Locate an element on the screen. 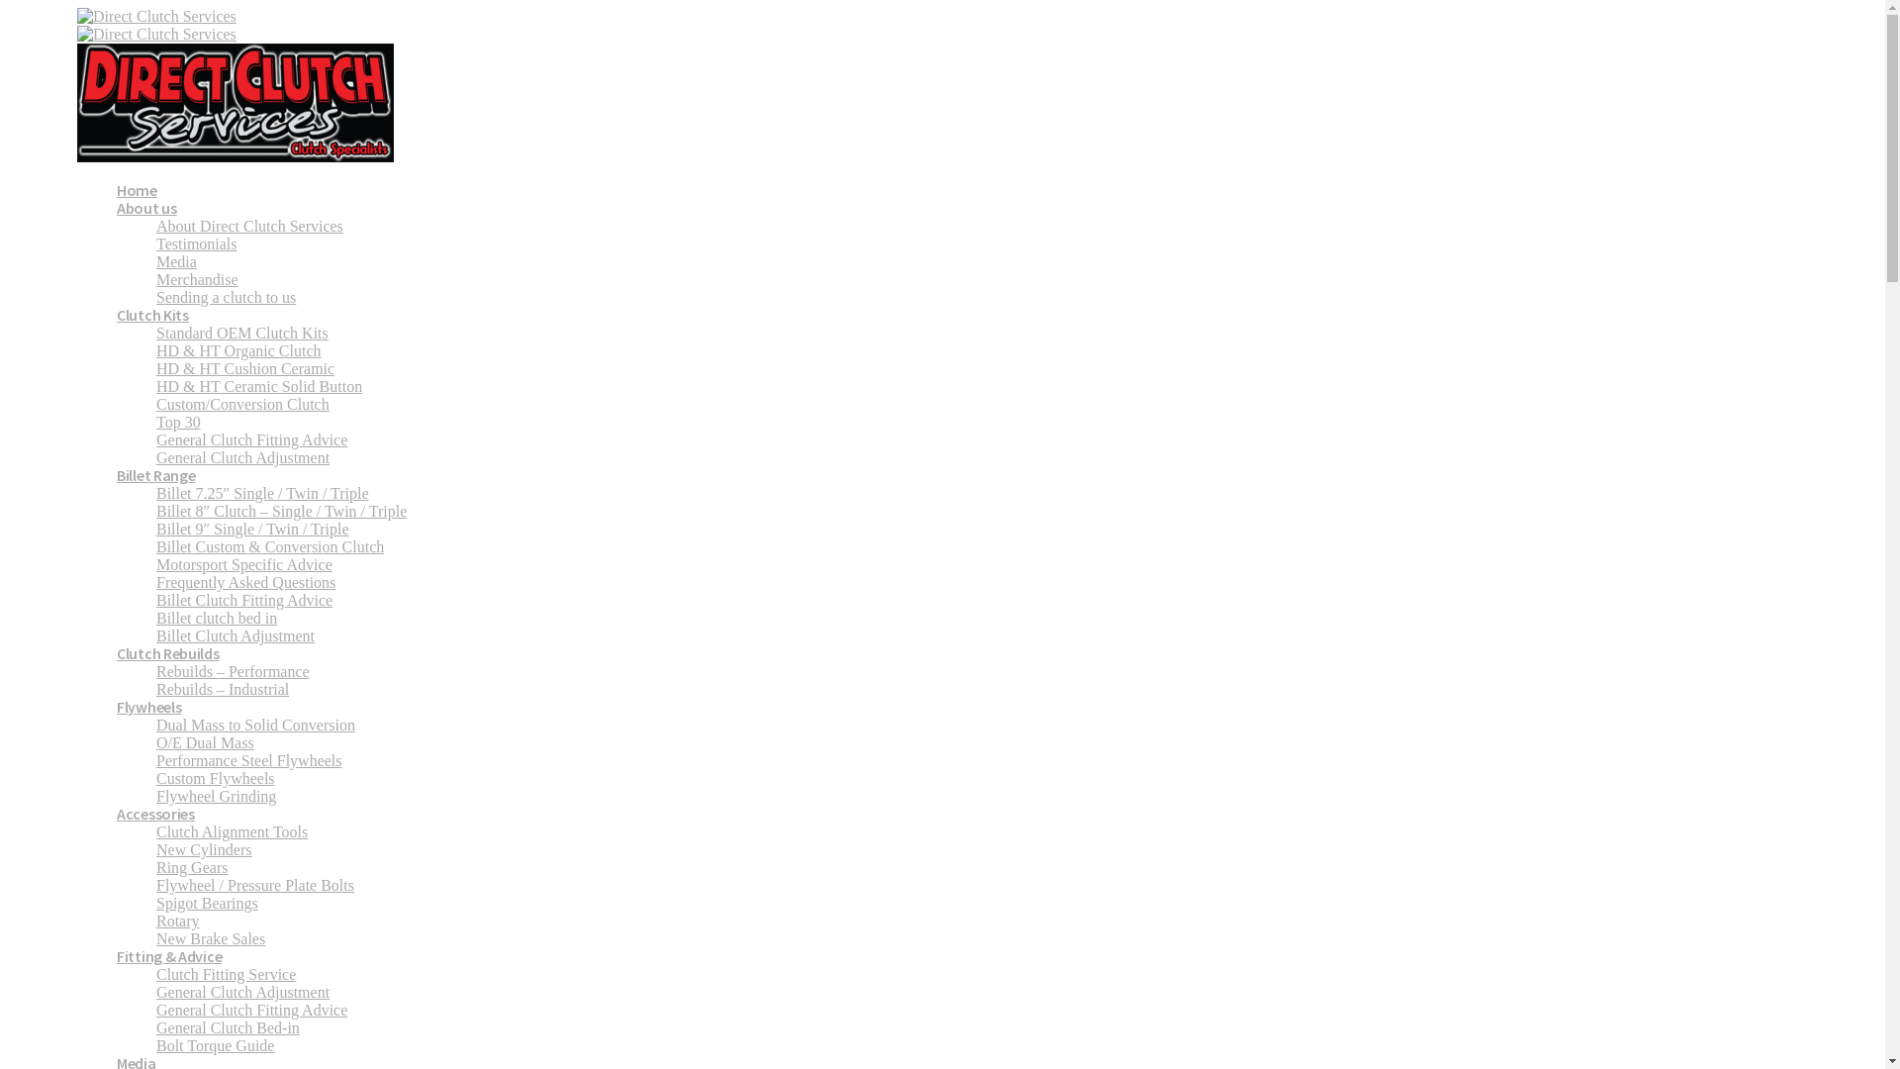 The image size is (1900, 1069). 'Direct Clutch Services - ' is located at coordinates (236, 85).